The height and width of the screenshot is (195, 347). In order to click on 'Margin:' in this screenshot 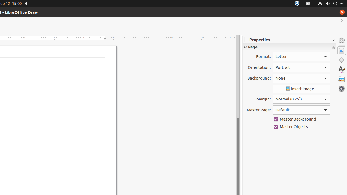, I will do `click(301, 99)`.